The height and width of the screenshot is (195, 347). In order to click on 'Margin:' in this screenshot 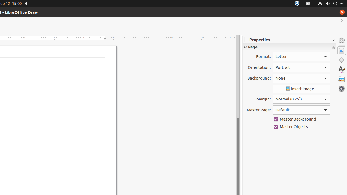, I will do `click(301, 99)`.